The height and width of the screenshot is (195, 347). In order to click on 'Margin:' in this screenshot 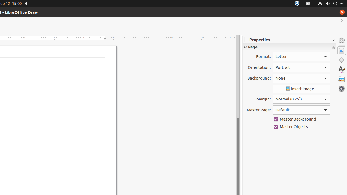, I will do `click(301, 99)`.